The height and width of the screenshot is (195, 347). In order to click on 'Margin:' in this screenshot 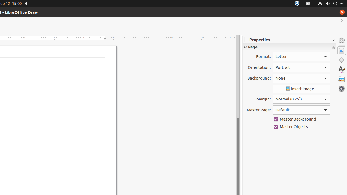, I will do `click(301, 99)`.